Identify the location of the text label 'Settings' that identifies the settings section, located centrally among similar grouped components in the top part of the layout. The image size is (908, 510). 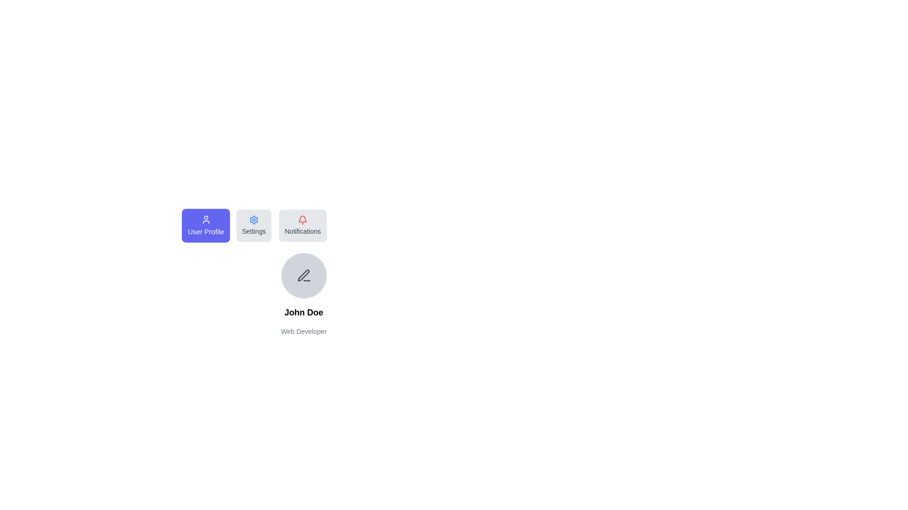
(254, 231).